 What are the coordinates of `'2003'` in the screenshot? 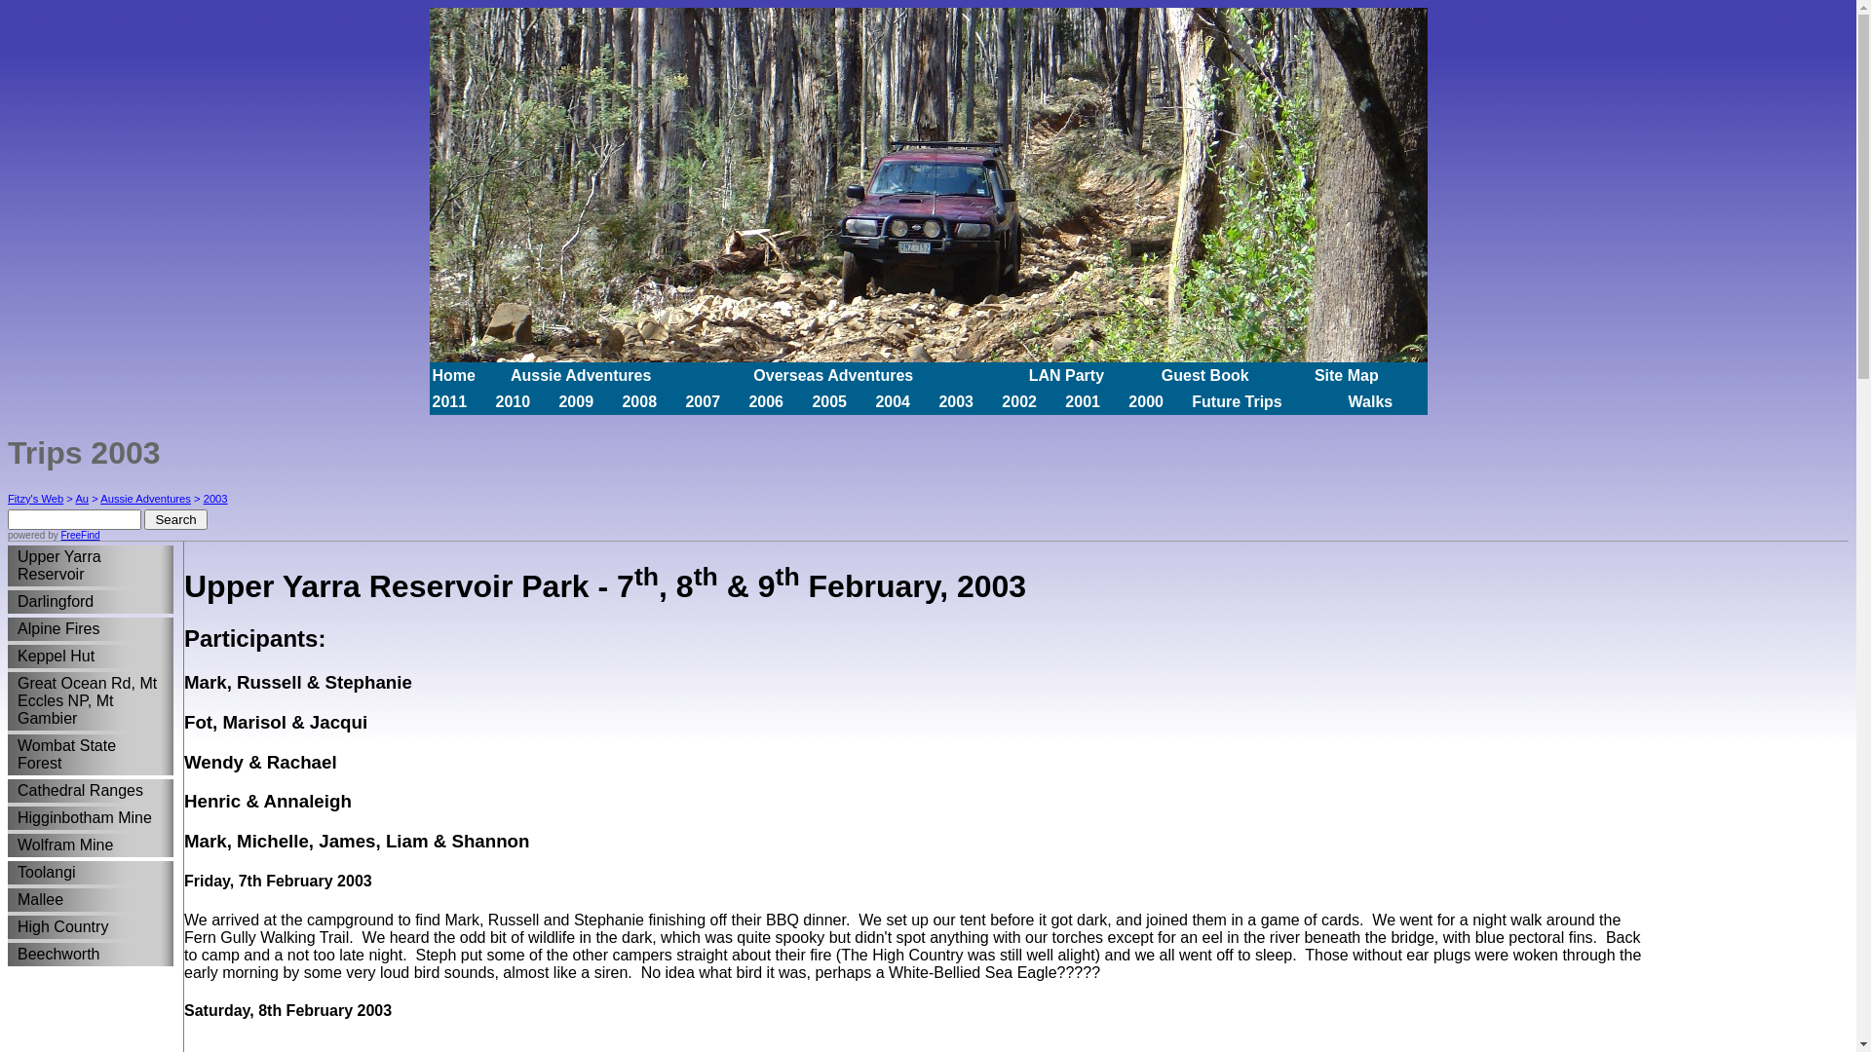 It's located at (955, 400).